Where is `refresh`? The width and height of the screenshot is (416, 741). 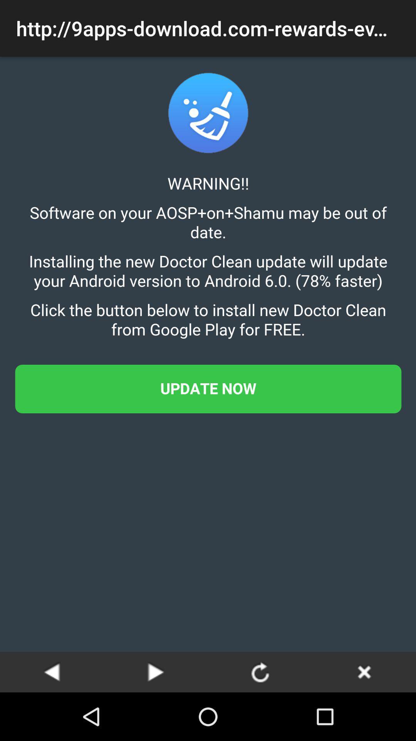 refresh is located at coordinates (260, 672).